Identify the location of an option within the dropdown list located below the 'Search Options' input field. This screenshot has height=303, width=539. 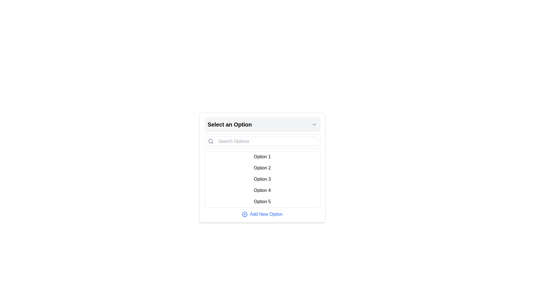
(262, 179).